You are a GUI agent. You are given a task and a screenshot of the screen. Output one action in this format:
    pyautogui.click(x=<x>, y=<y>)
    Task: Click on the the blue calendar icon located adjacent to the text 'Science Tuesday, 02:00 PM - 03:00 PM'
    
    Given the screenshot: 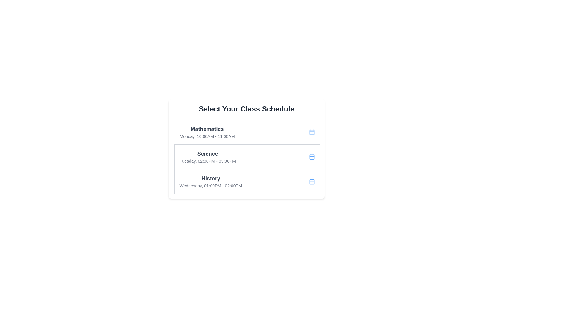 What is the action you would take?
    pyautogui.click(x=312, y=157)
    